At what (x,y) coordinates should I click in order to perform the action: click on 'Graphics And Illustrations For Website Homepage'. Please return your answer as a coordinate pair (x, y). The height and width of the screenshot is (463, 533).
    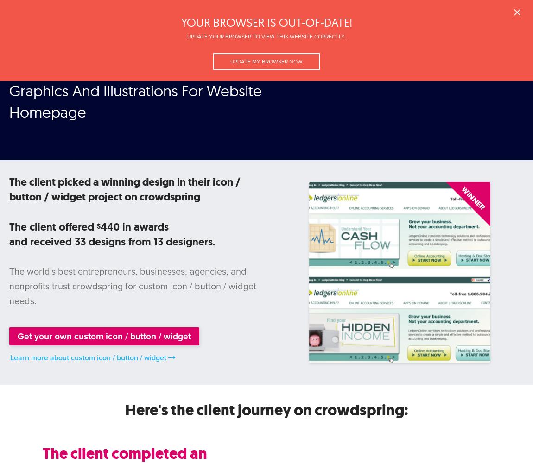
    Looking at the image, I should click on (135, 100).